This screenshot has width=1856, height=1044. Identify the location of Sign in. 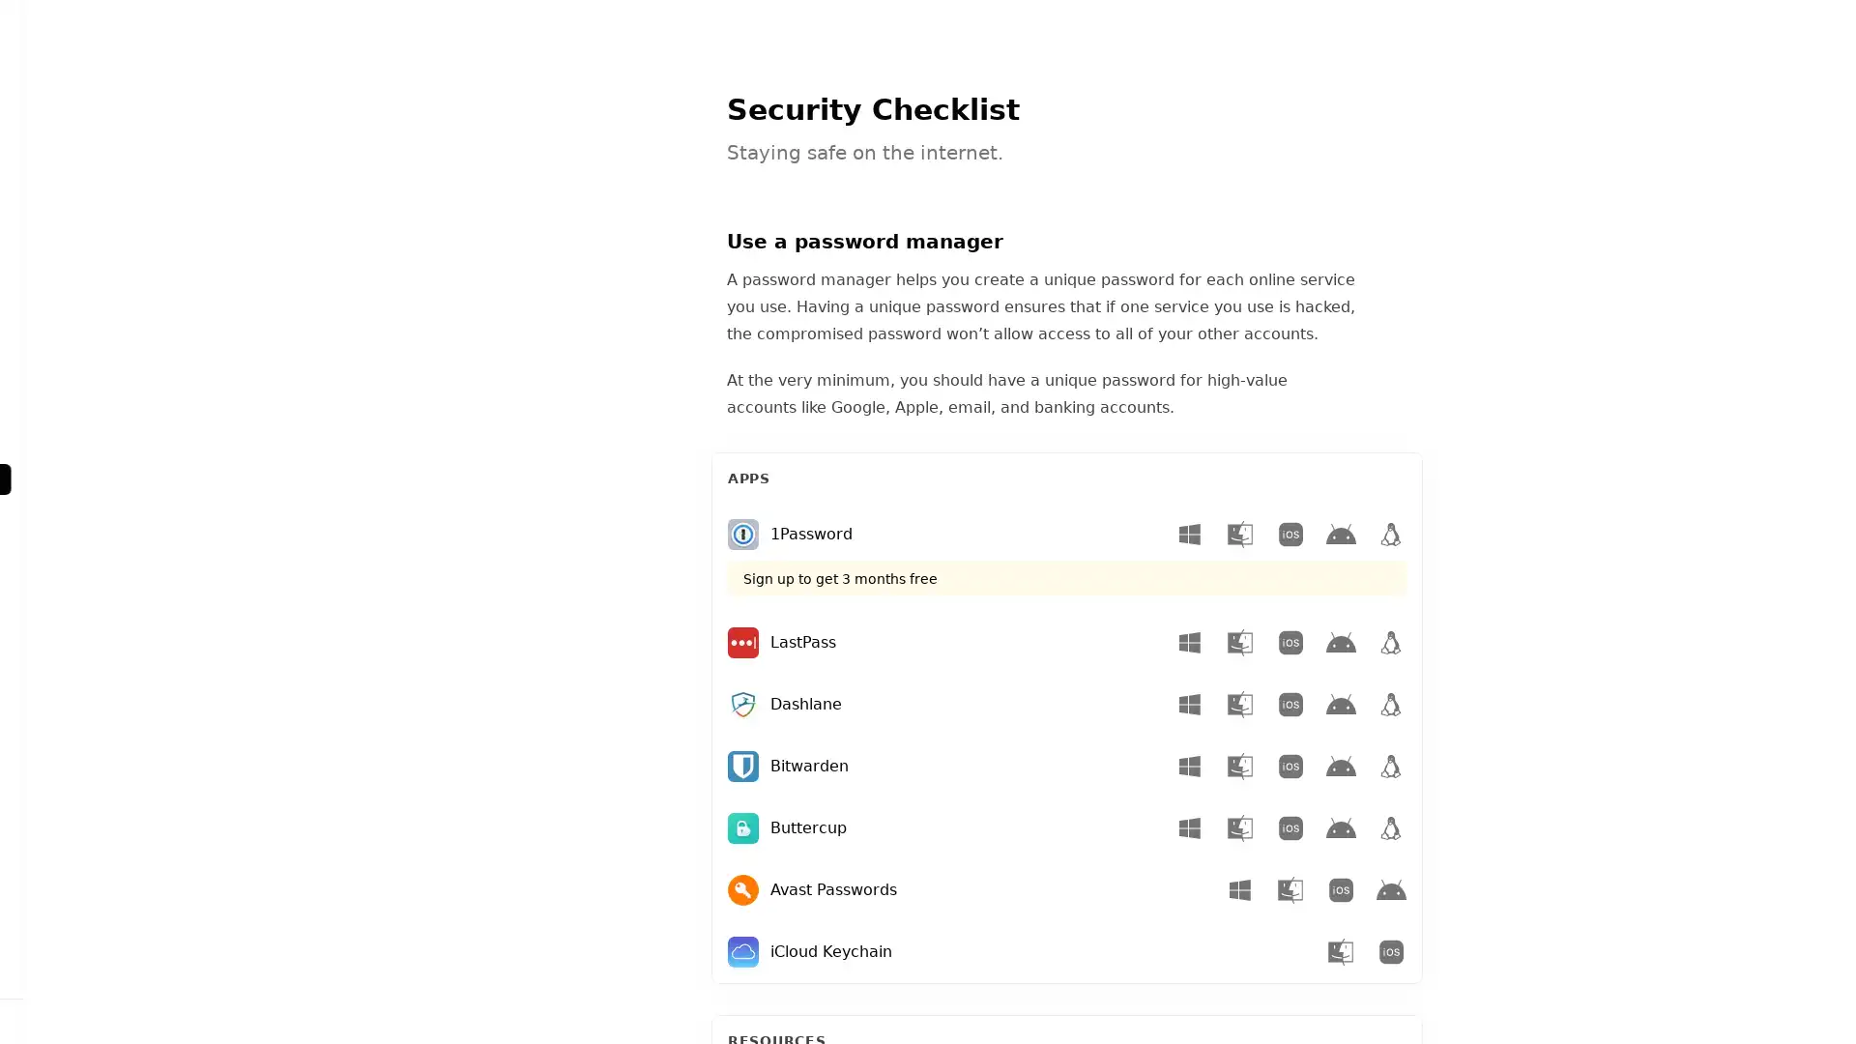
(137, 1020).